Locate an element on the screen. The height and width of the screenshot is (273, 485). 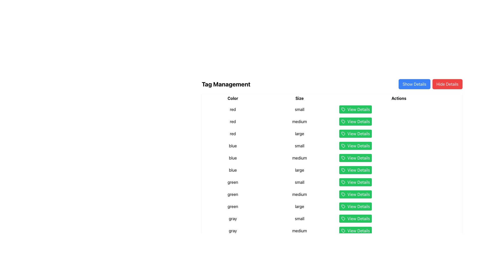
the green button with rounded corners labeled 'View Details' located in the last row of the table under the 'Actions' column is located at coordinates (355, 194).